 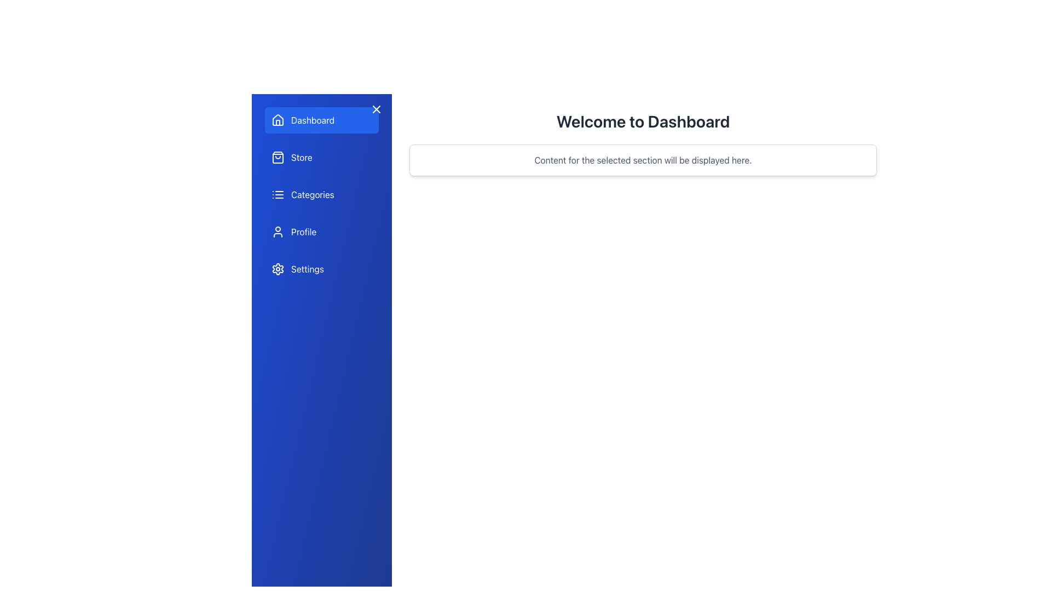 What do you see at coordinates (304, 231) in the screenshot?
I see `textual information of the 'Profile' label in the vertical navigation menu located to the right of the user profile icon` at bounding box center [304, 231].